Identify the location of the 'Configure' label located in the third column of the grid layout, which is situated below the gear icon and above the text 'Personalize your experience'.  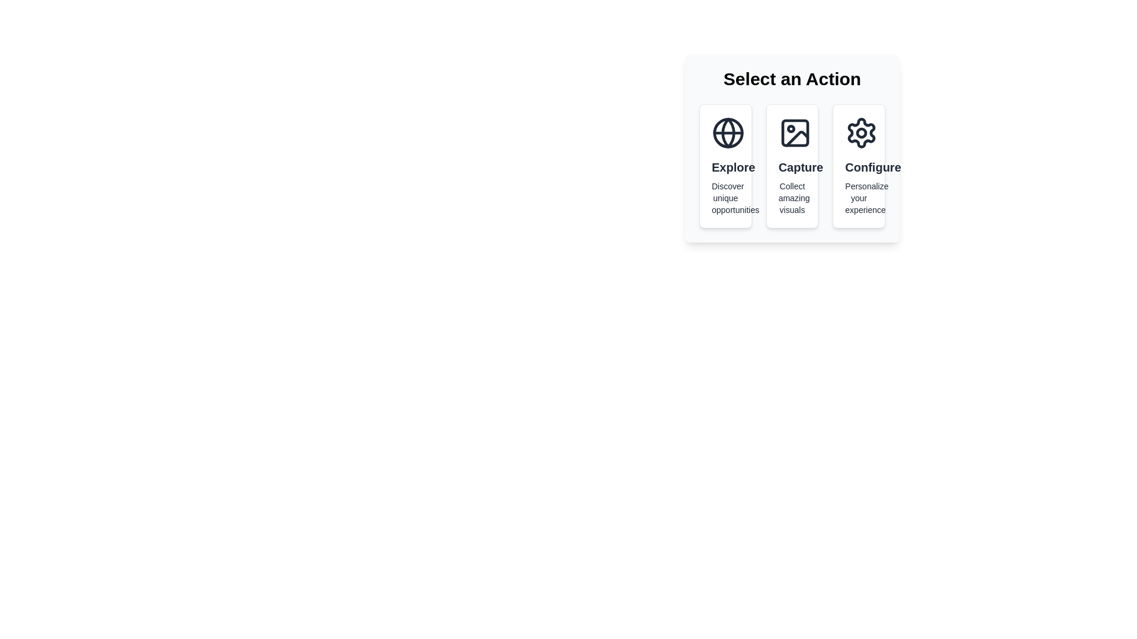
(859, 167).